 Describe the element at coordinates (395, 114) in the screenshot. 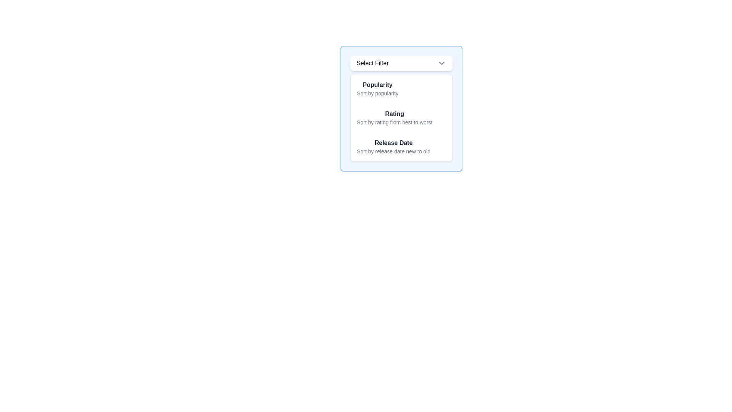

I see `the Text label indicating the user selection filter option related to ratings, which is positioned at the center of the dropdown list between 'Popularity' and 'Release Date'` at that location.